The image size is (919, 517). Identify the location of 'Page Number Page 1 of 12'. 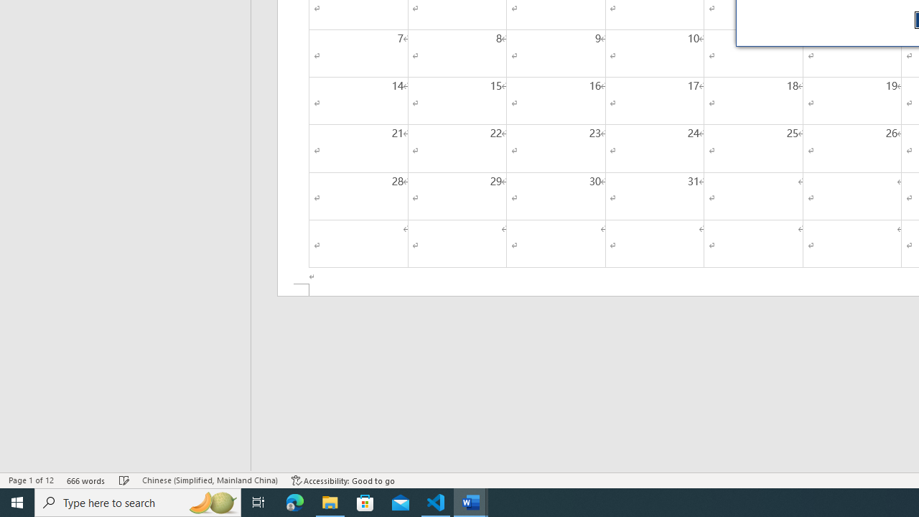
(31, 480).